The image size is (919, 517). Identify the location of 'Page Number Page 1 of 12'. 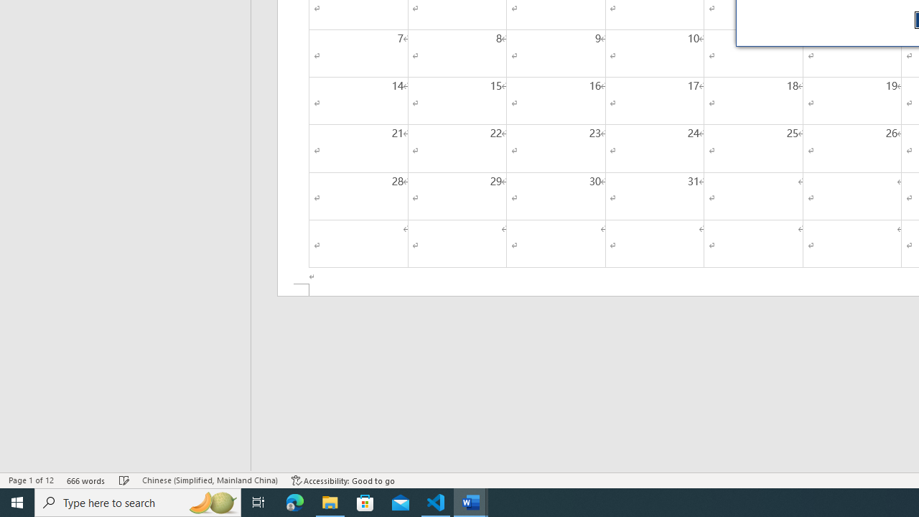
(31, 480).